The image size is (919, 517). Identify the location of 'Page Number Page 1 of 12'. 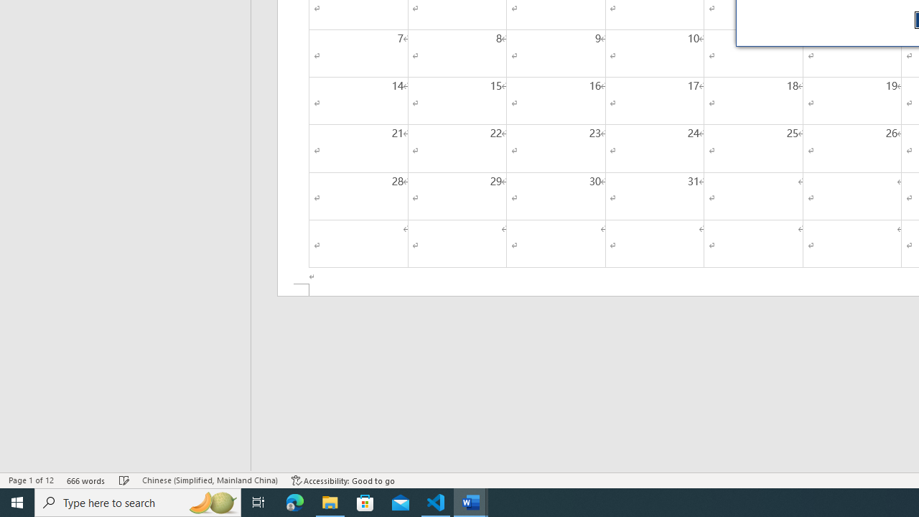
(31, 480).